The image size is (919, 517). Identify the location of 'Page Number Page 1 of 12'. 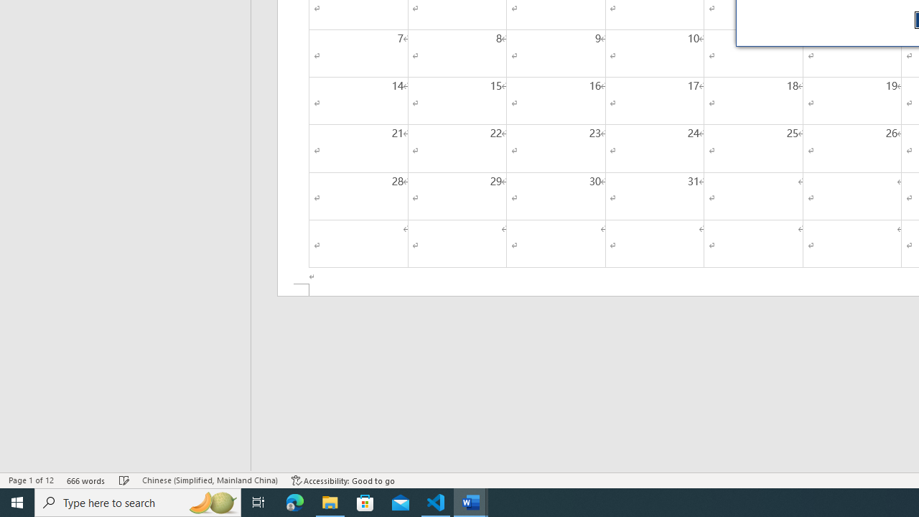
(31, 480).